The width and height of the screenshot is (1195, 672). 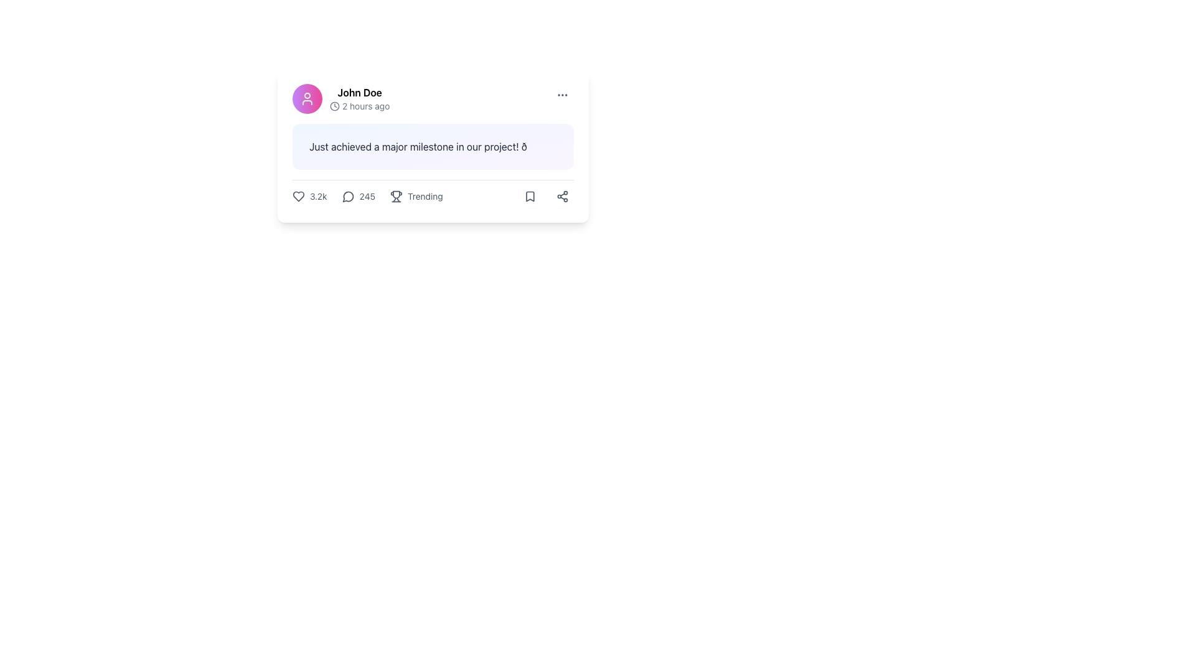 What do you see at coordinates (433, 146) in the screenshot?
I see `the text block that reads 'Just achieved a major milestone in our project! 🎉', which is styled in gray and located within a card layout below 'John Doe' and '2 hours ago'` at bounding box center [433, 146].